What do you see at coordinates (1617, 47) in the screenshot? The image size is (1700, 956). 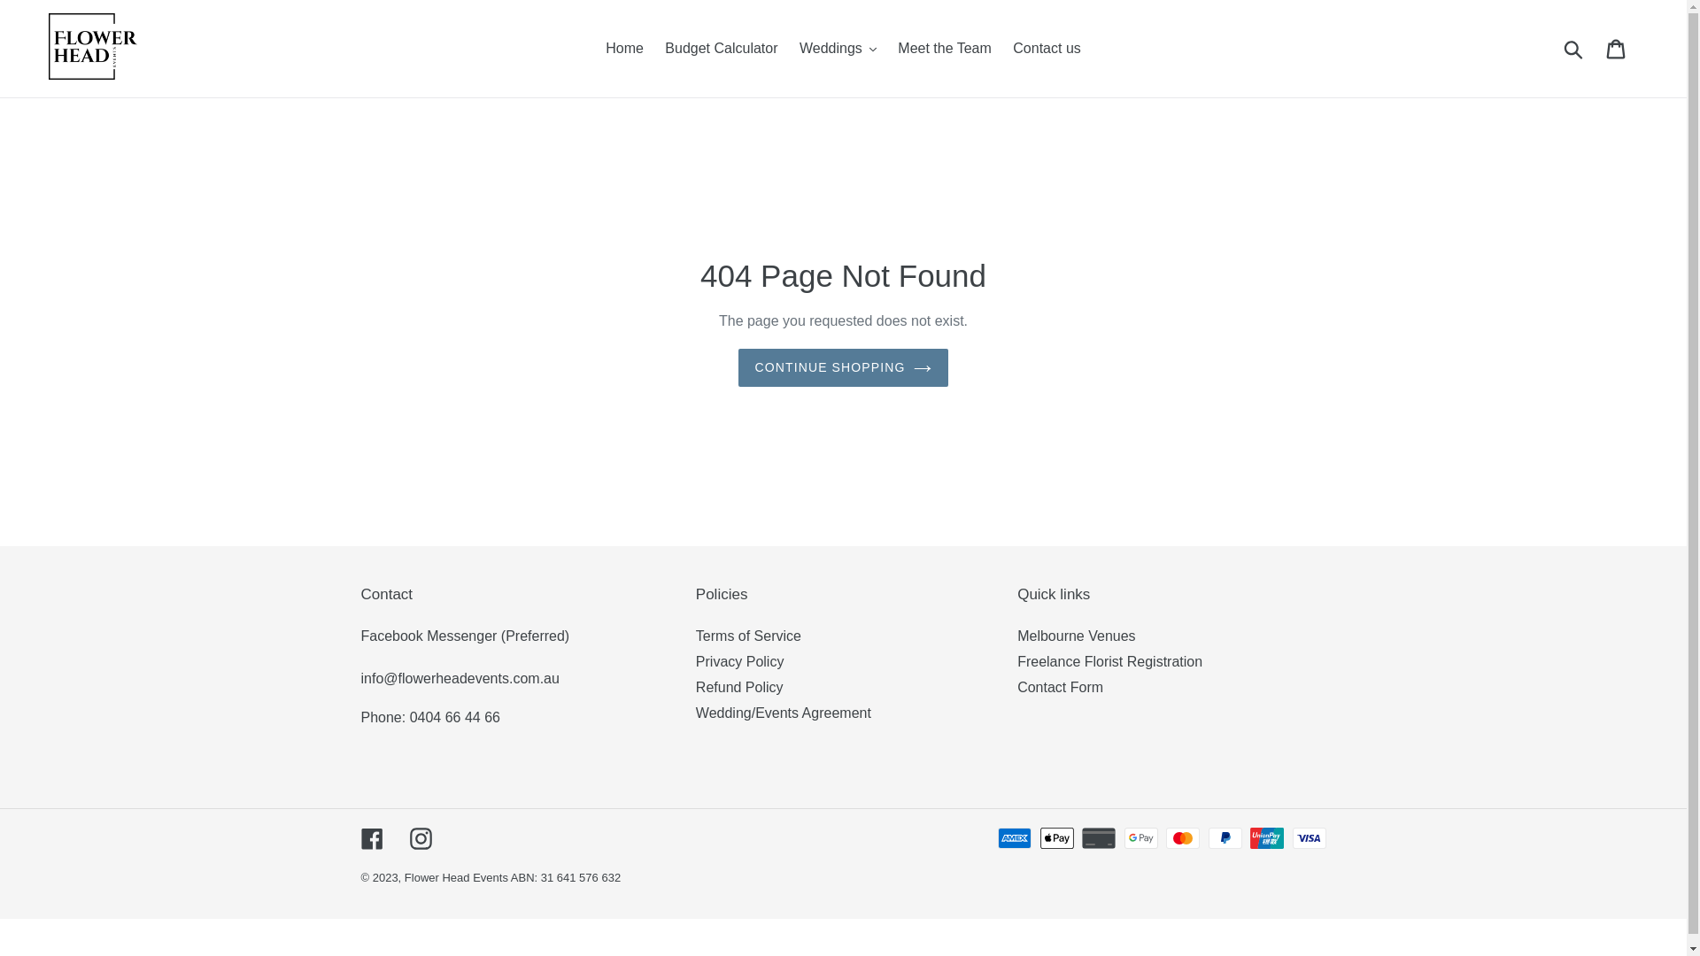 I see `'Cart'` at bounding box center [1617, 47].